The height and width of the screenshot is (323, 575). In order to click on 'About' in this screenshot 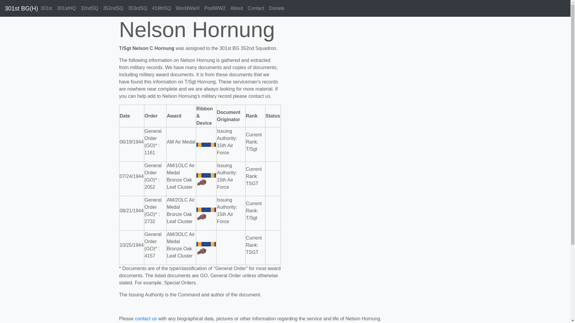, I will do `click(228, 8)`.